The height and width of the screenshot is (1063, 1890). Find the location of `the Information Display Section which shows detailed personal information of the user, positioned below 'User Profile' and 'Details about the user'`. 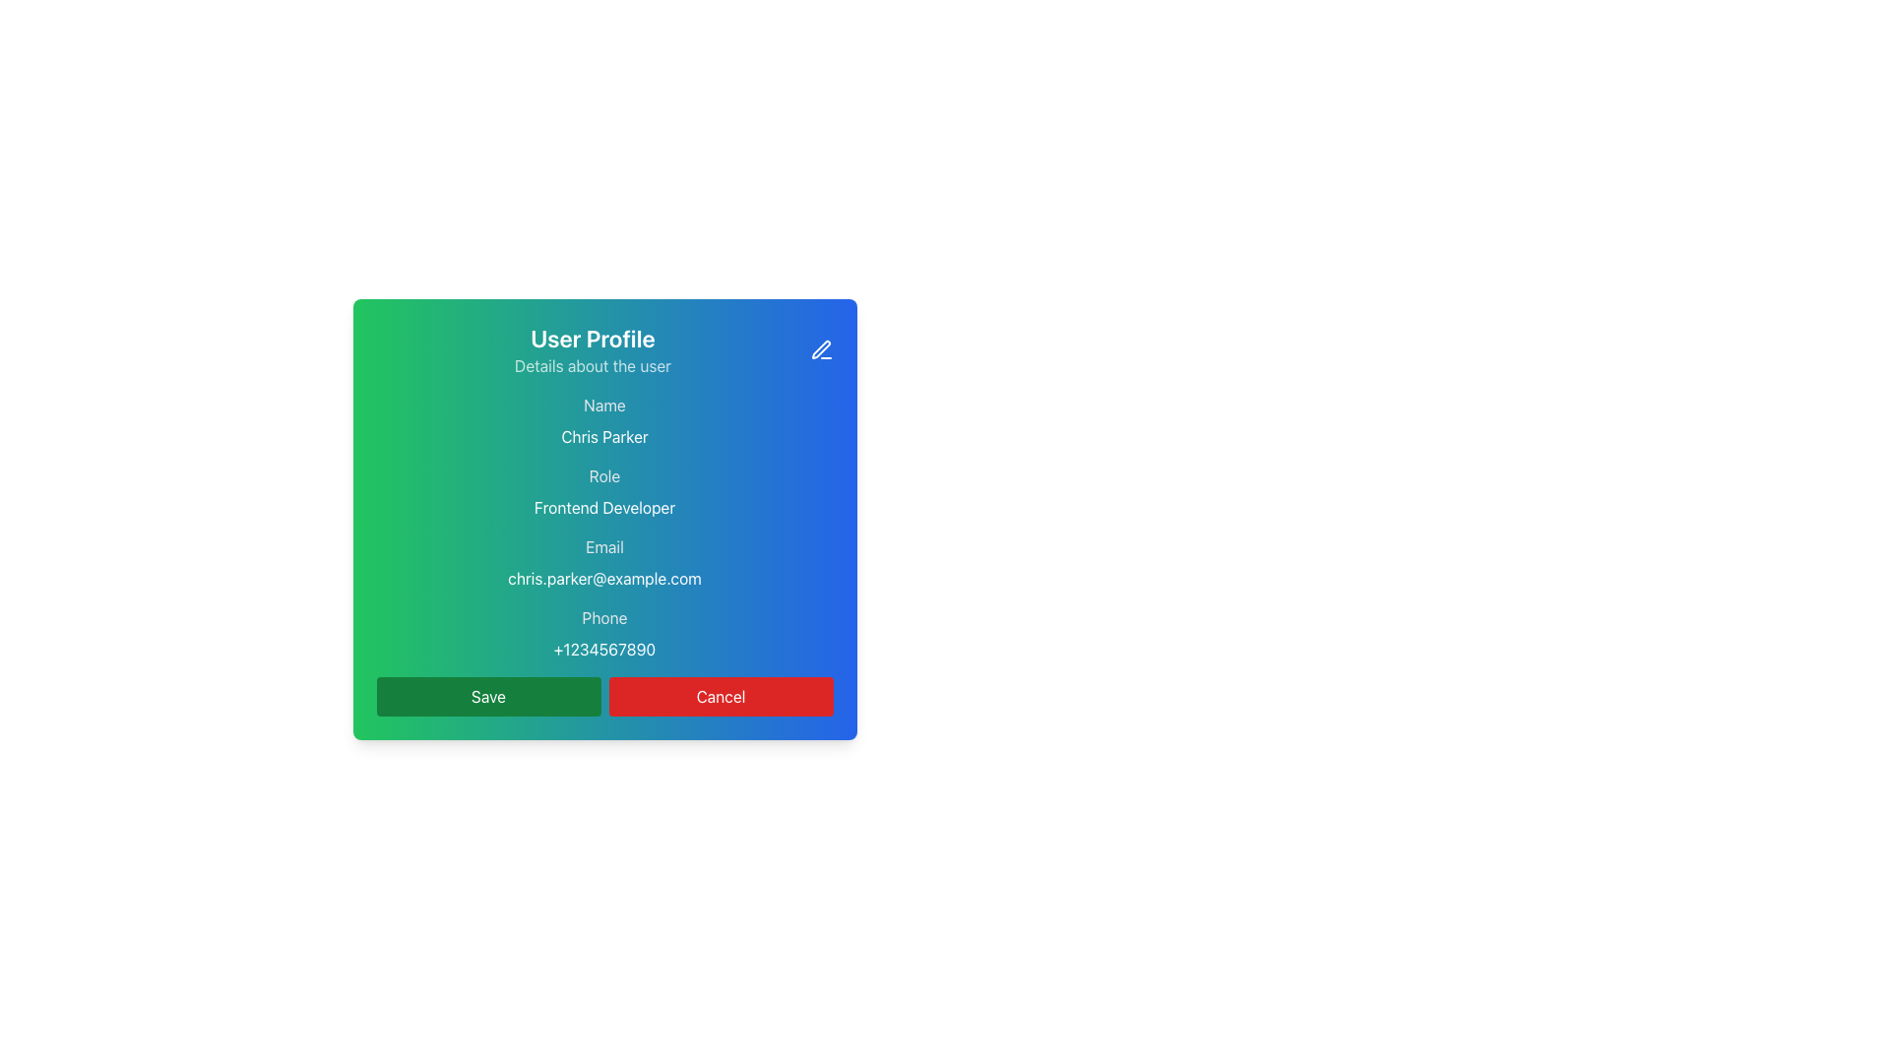

the Information Display Section which shows detailed personal information of the user, positioned below 'User Profile' and 'Details about the user' is located at coordinates (603, 527).